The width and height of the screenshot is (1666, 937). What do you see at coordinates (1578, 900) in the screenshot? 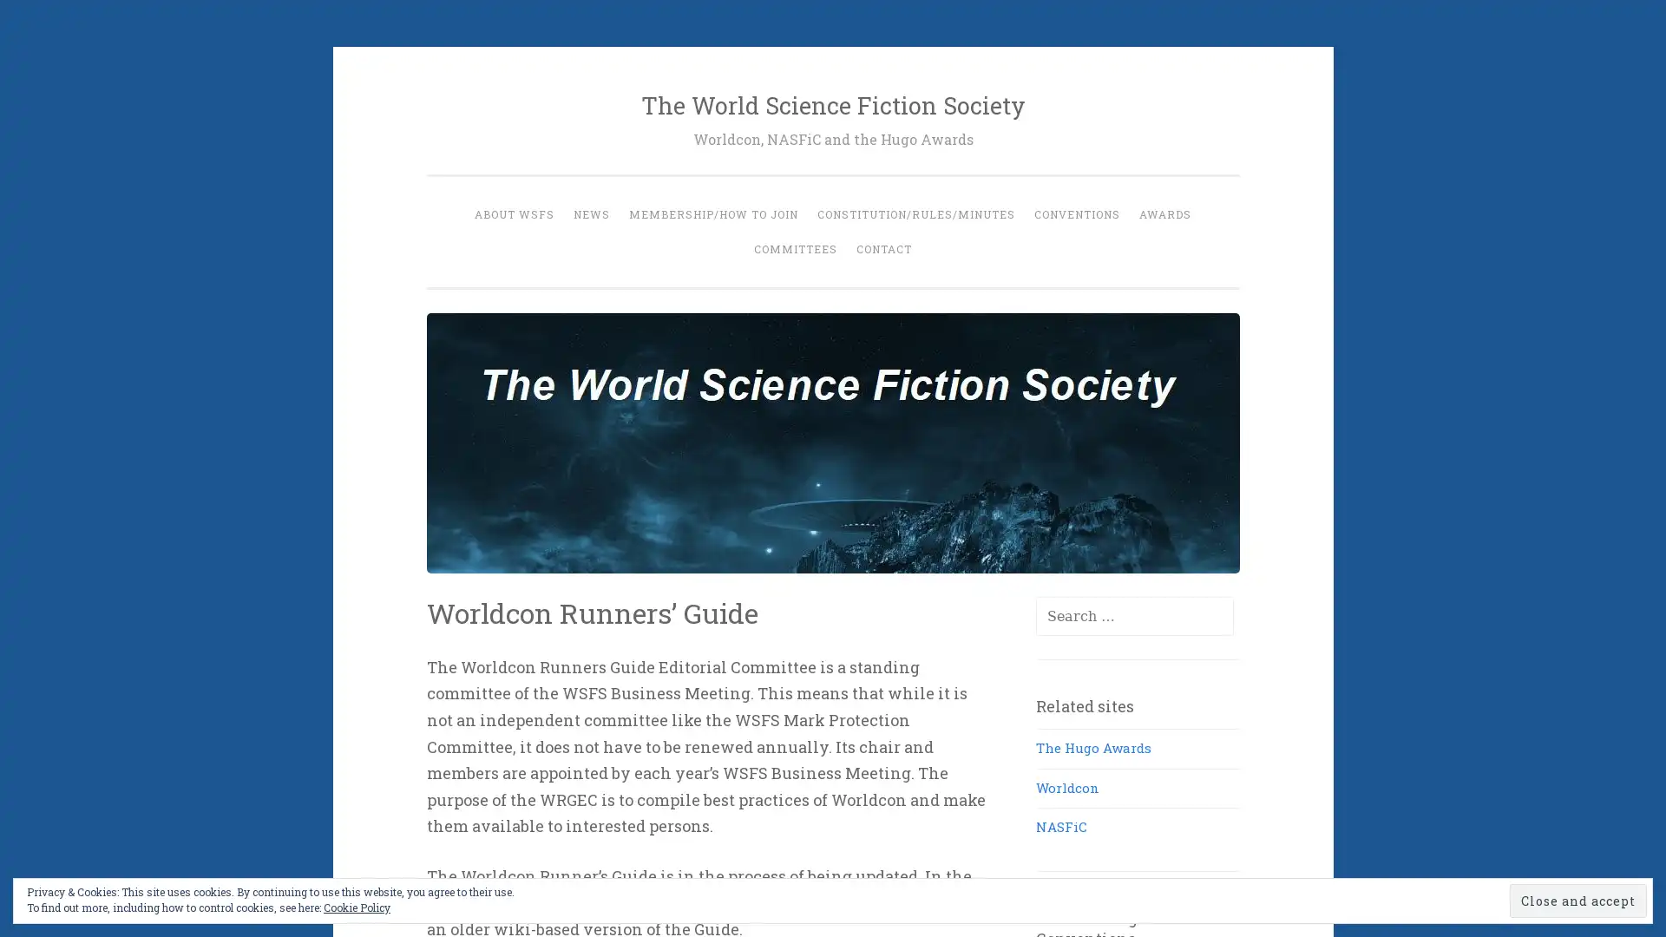
I see `Close and accept` at bounding box center [1578, 900].